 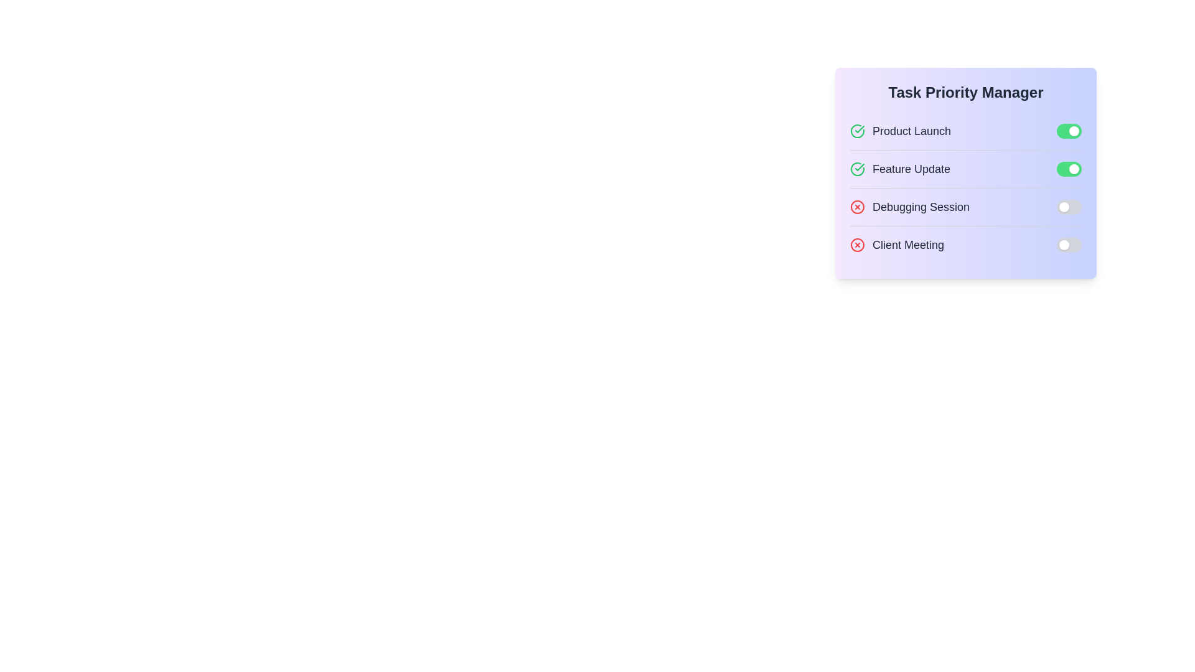 I want to click on the task with title Client Meeting, so click(x=896, y=245).